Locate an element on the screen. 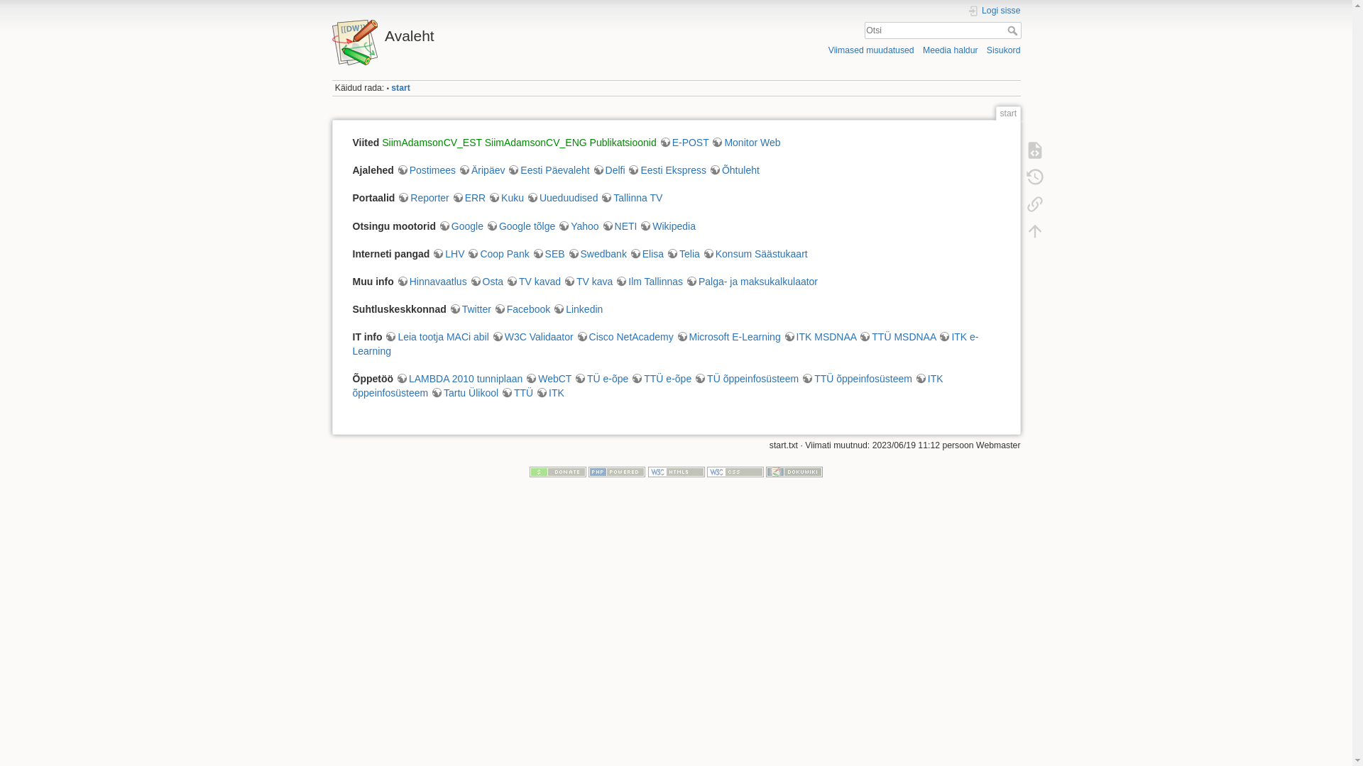  'Linkedin' is located at coordinates (578, 308).